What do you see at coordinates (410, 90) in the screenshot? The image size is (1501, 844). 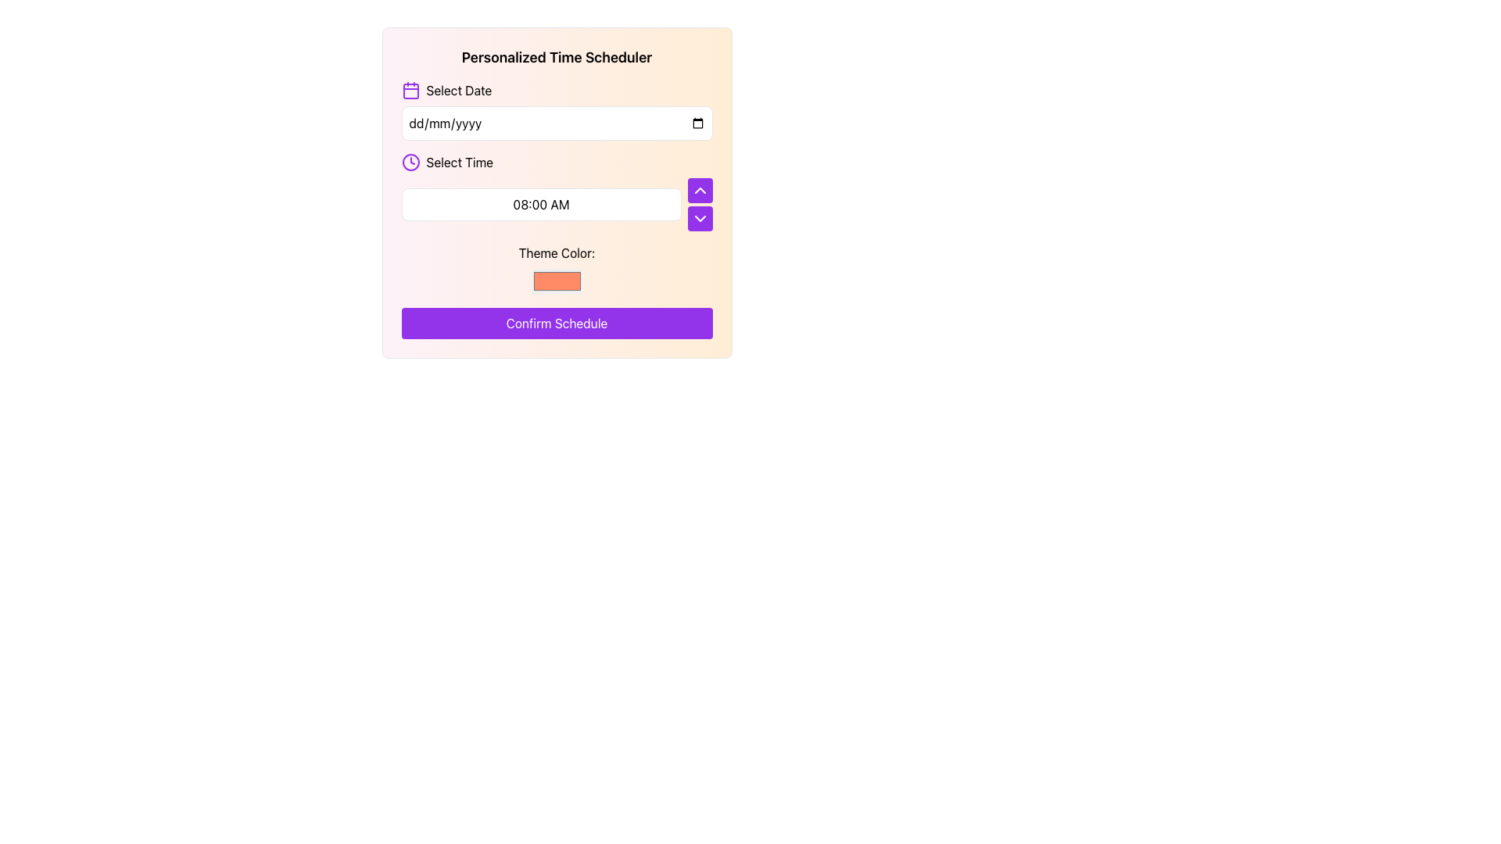 I see `the decorative icon located to the left of the 'Select Date' label at the top-left of the form` at bounding box center [410, 90].